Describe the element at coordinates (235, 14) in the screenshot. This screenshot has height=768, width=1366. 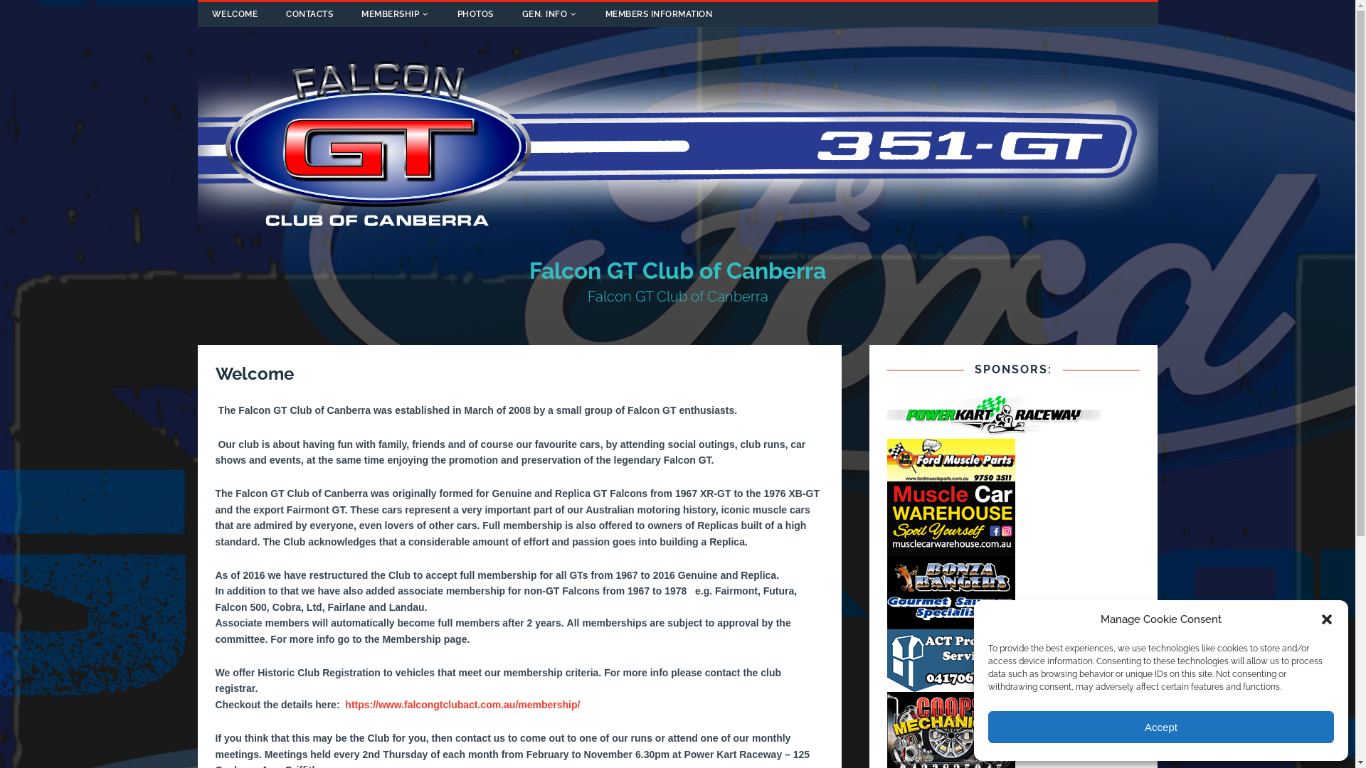
I see `'WELCOME'` at that location.